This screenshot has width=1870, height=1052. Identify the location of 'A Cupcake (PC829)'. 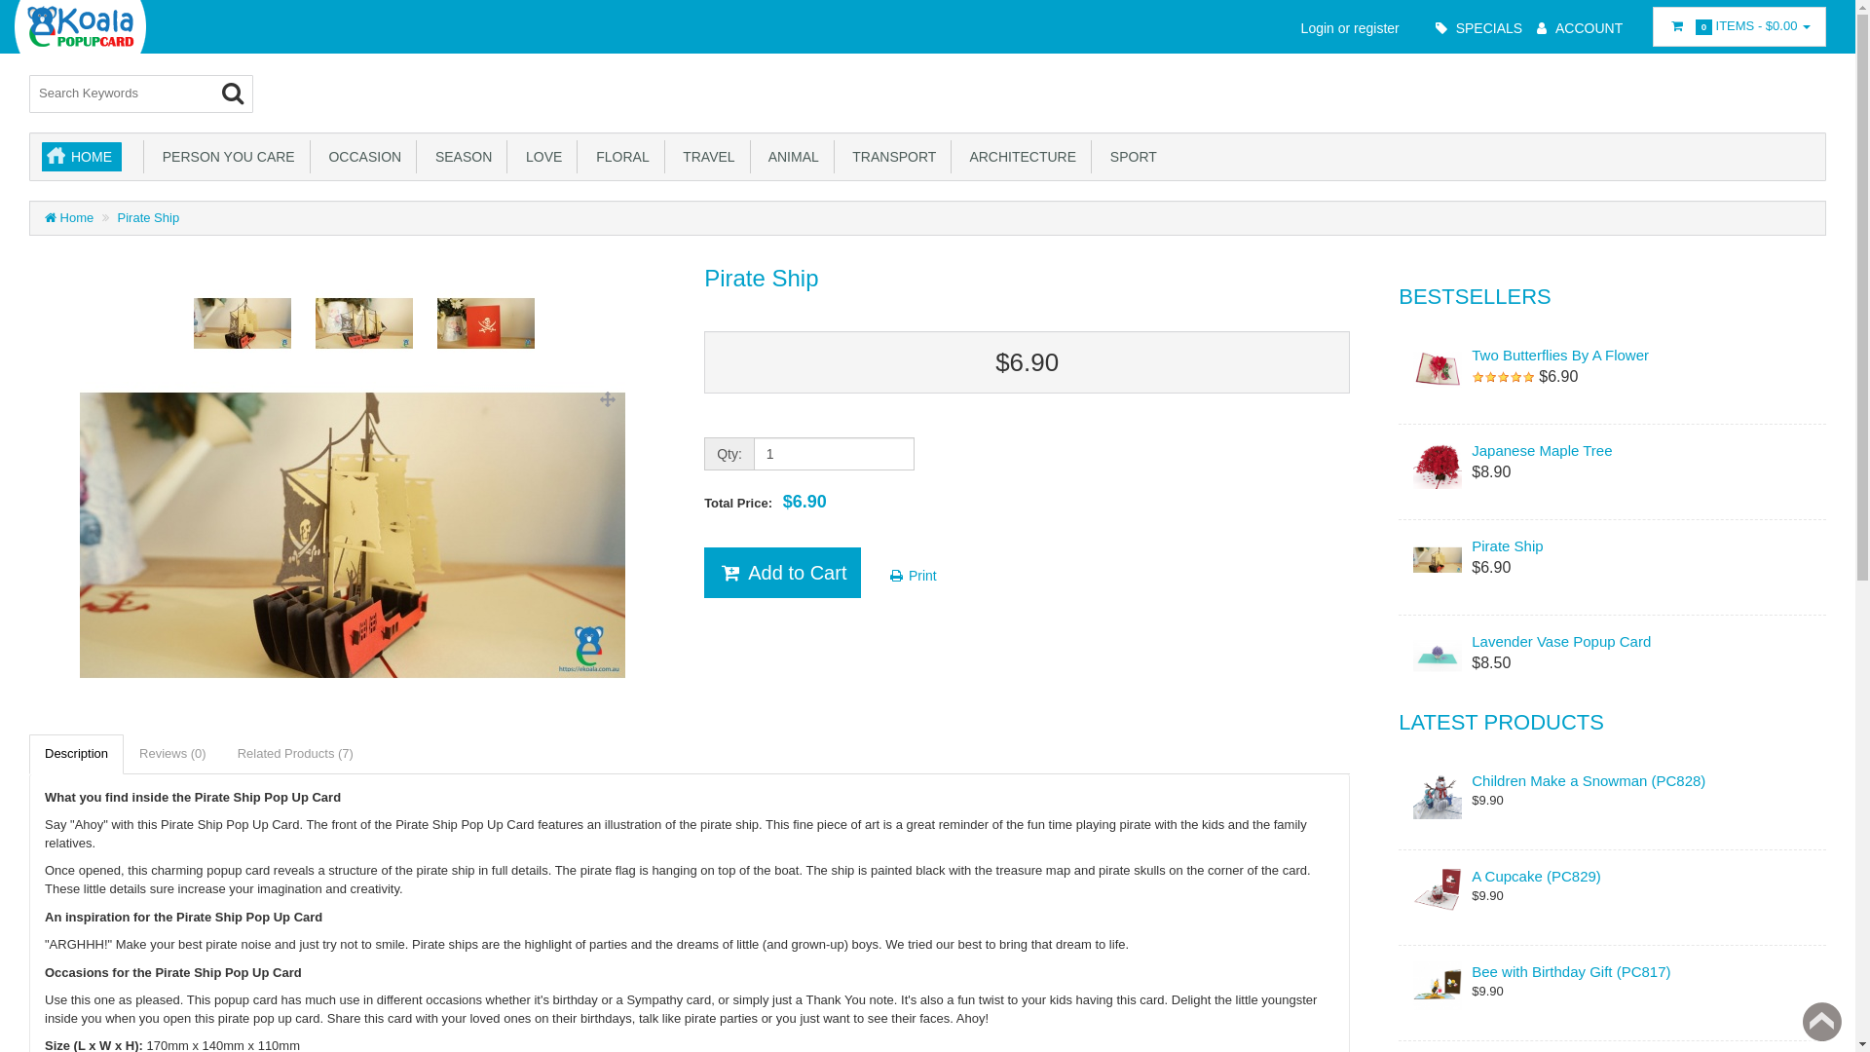
(1612, 875).